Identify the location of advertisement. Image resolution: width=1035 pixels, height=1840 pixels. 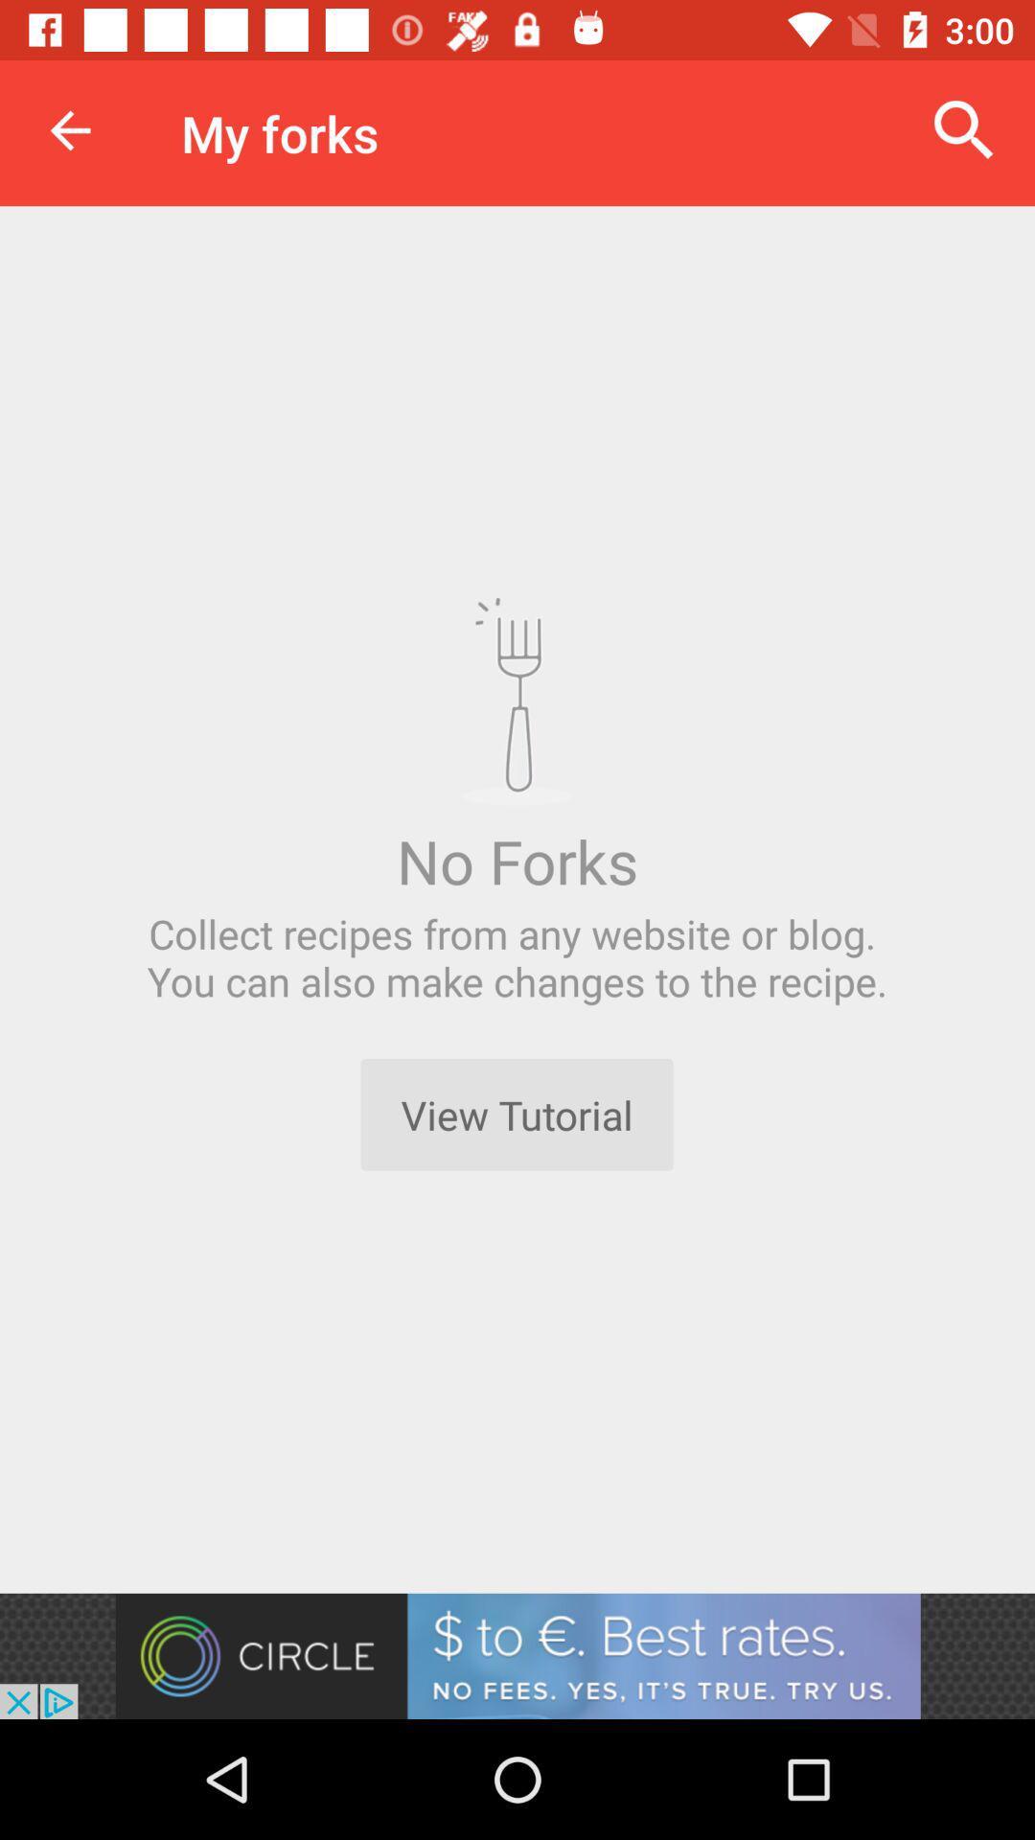
(517, 1655).